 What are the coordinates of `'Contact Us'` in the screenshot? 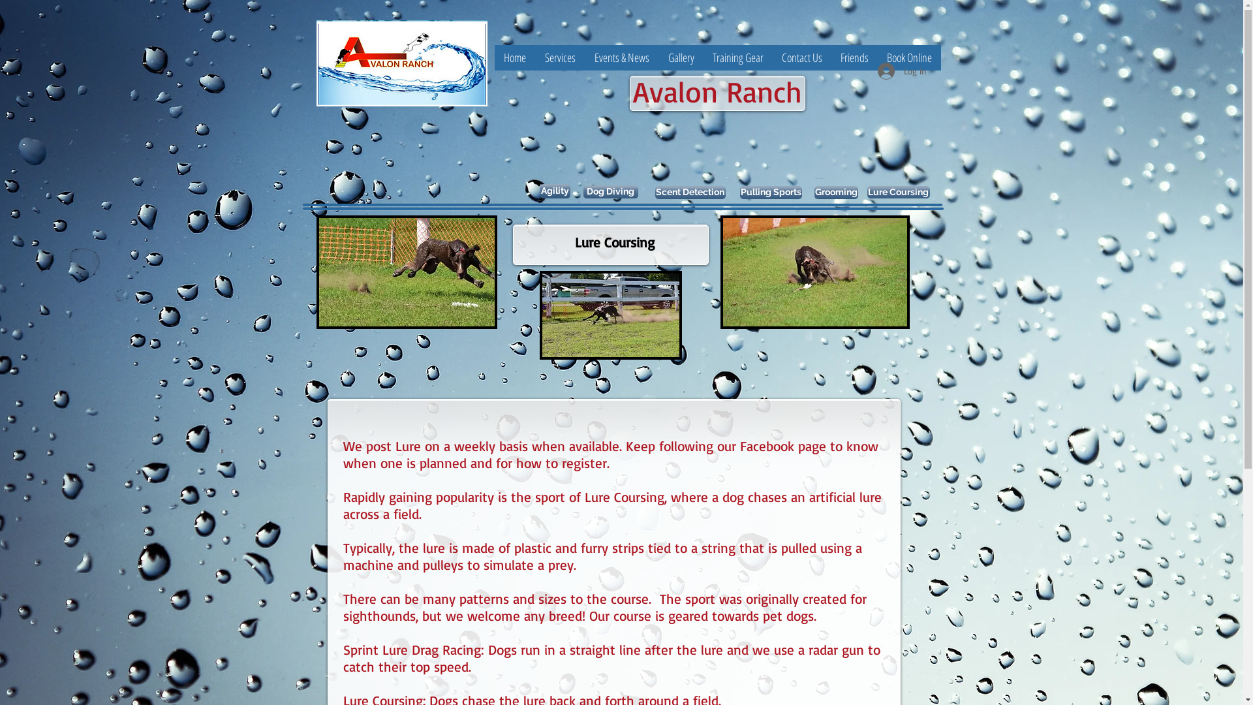 It's located at (801, 57).